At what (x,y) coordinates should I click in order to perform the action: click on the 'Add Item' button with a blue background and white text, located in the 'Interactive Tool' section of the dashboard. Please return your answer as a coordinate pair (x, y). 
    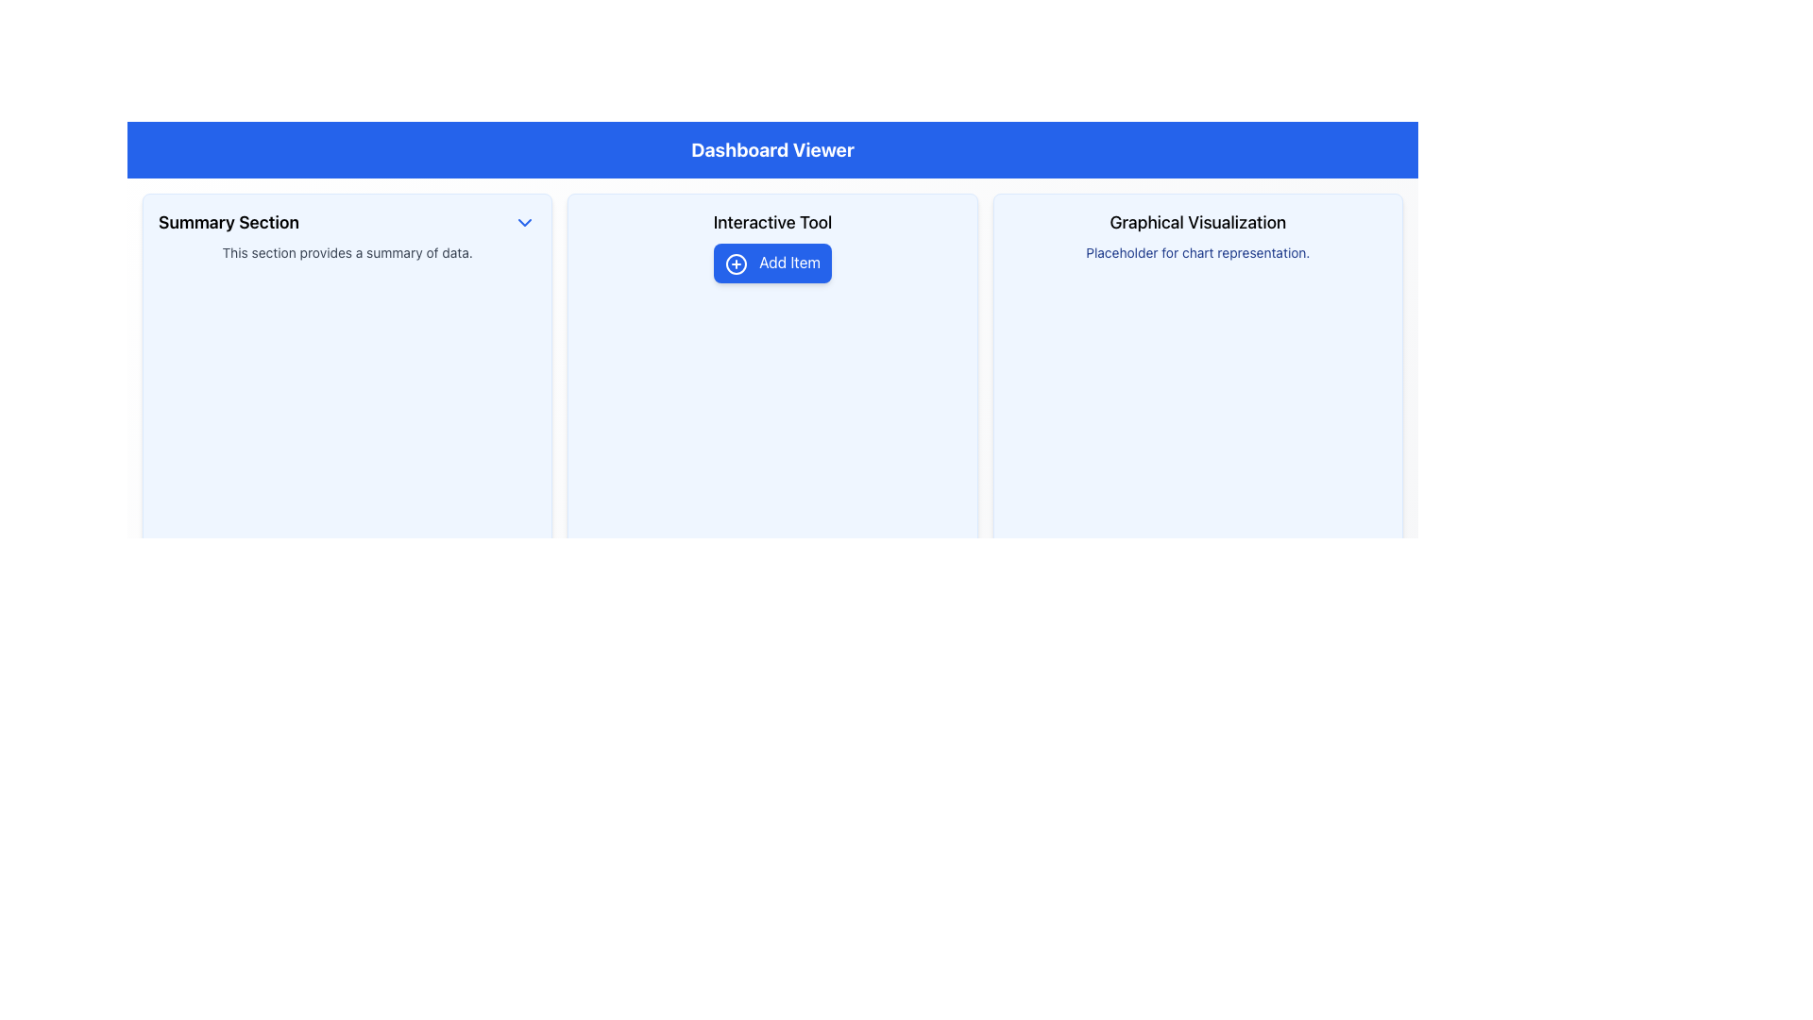
    Looking at the image, I should click on (772, 263).